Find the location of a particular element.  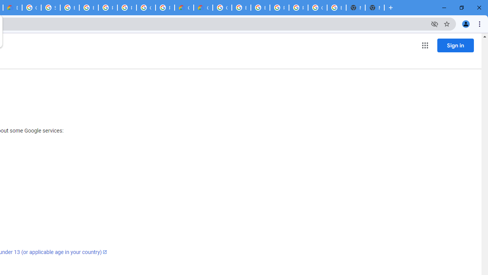

'Browse Chrome as a guest - Computer - Google Chrome Help' is located at coordinates (260, 8).